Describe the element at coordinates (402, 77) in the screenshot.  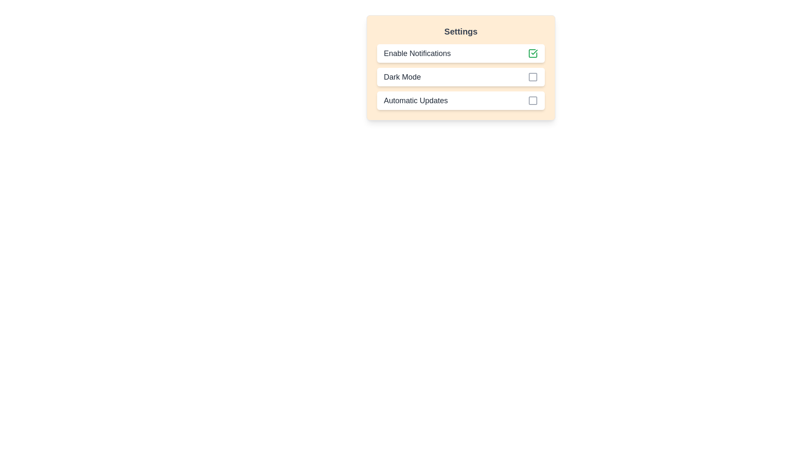
I see `the Text Label indicating the option for enabling or disabling Dark Mode in the settings menu, located between 'Enable Notifications' and 'Automatic Updates'` at that location.